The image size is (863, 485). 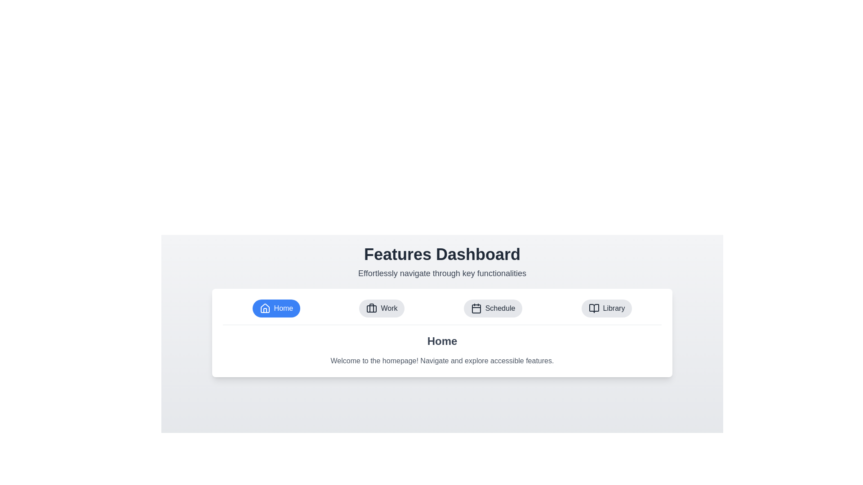 I want to click on the Schedule tab to switch to it, so click(x=492, y=308).